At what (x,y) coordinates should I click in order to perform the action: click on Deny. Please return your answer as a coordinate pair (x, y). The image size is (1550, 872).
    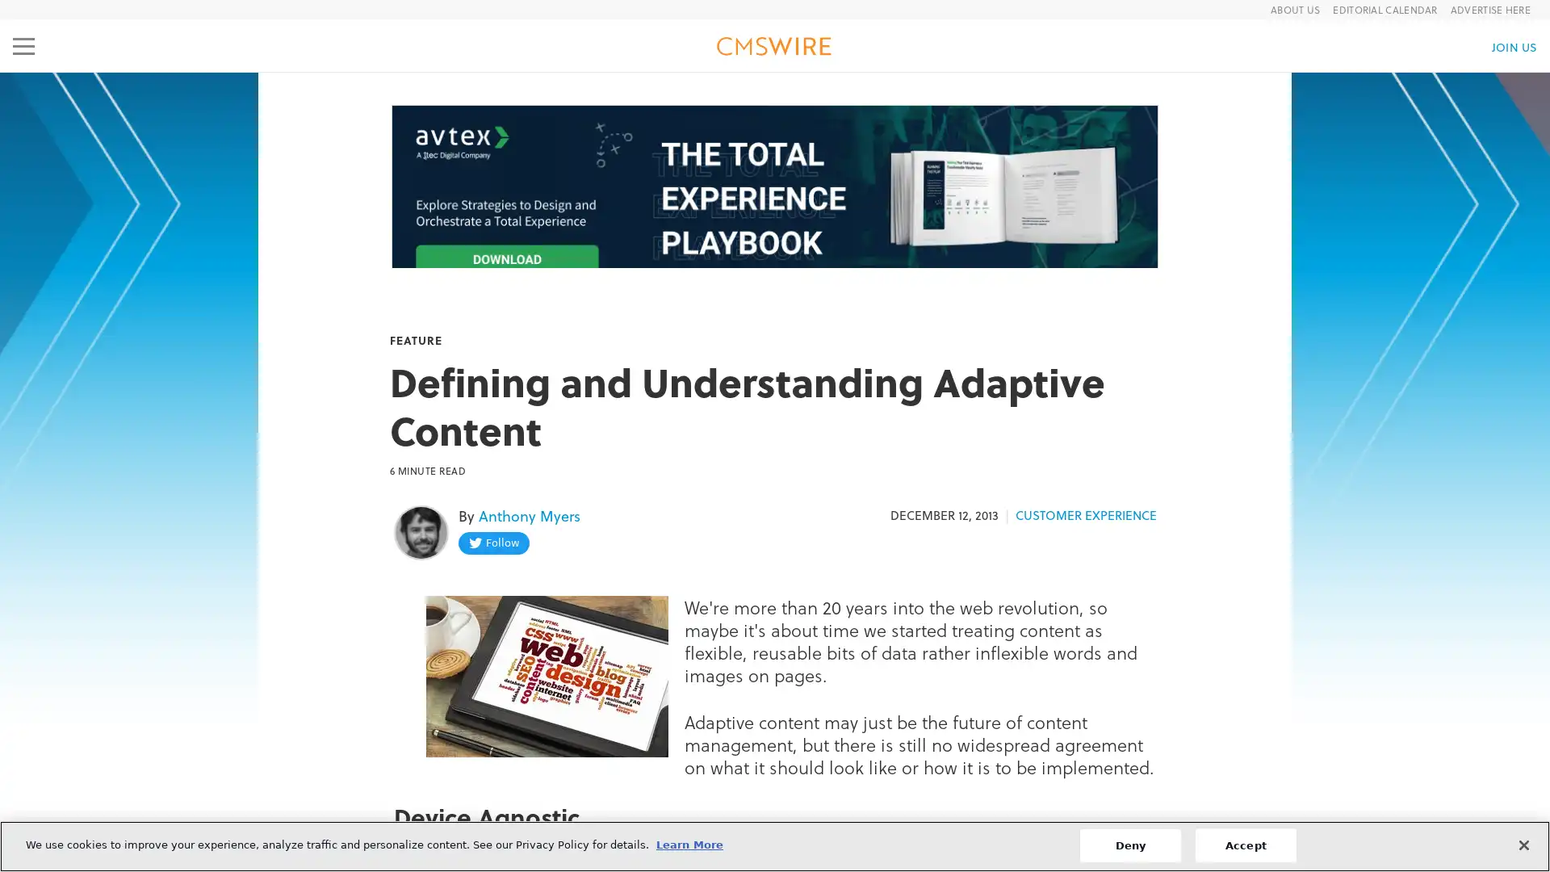
    Looking at the image, I should click on (1129, 844).